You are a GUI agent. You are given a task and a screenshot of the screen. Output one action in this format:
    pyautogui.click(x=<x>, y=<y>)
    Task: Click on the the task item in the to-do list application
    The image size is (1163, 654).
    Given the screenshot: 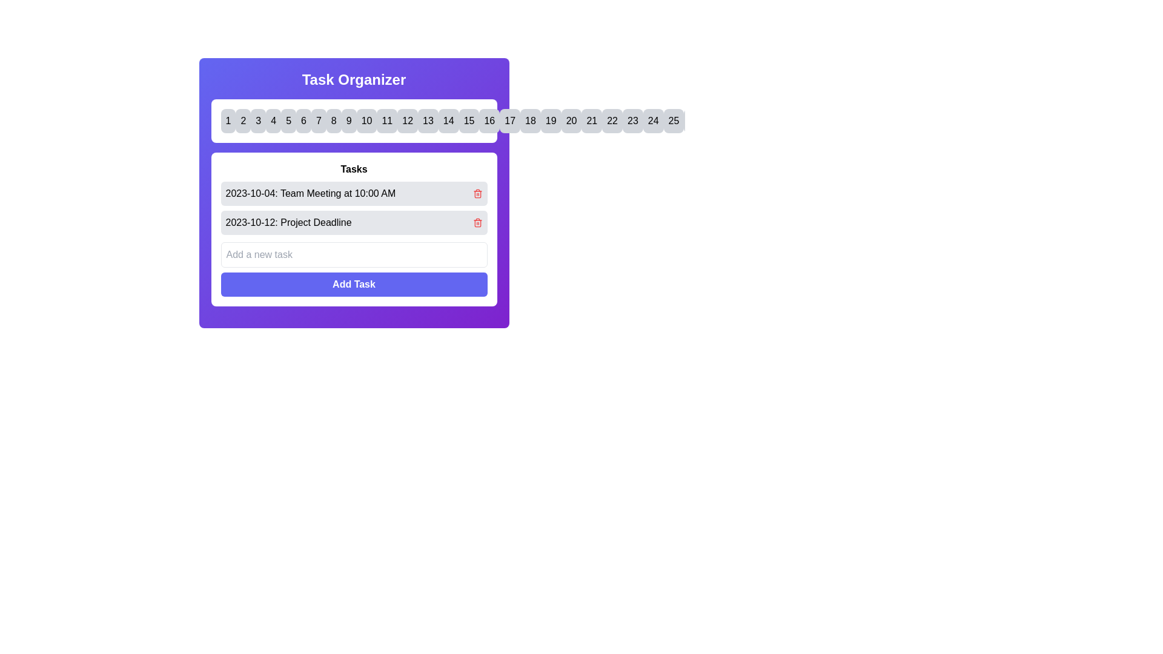 What is the action you would take?
    pyautogui.click(x=353, y=193)
    